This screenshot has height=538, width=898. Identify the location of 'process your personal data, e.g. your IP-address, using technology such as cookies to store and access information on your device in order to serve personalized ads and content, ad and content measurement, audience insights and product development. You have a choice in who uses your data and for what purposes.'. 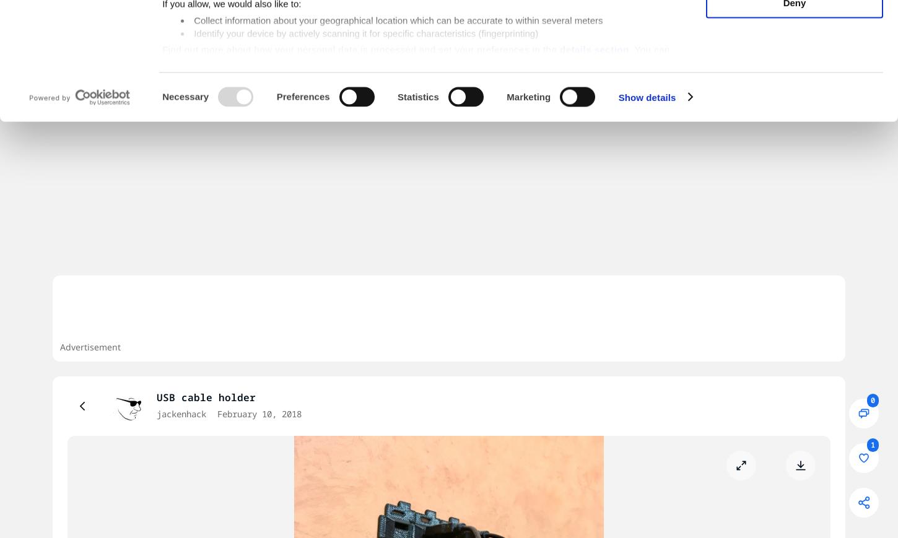
(162, 59).